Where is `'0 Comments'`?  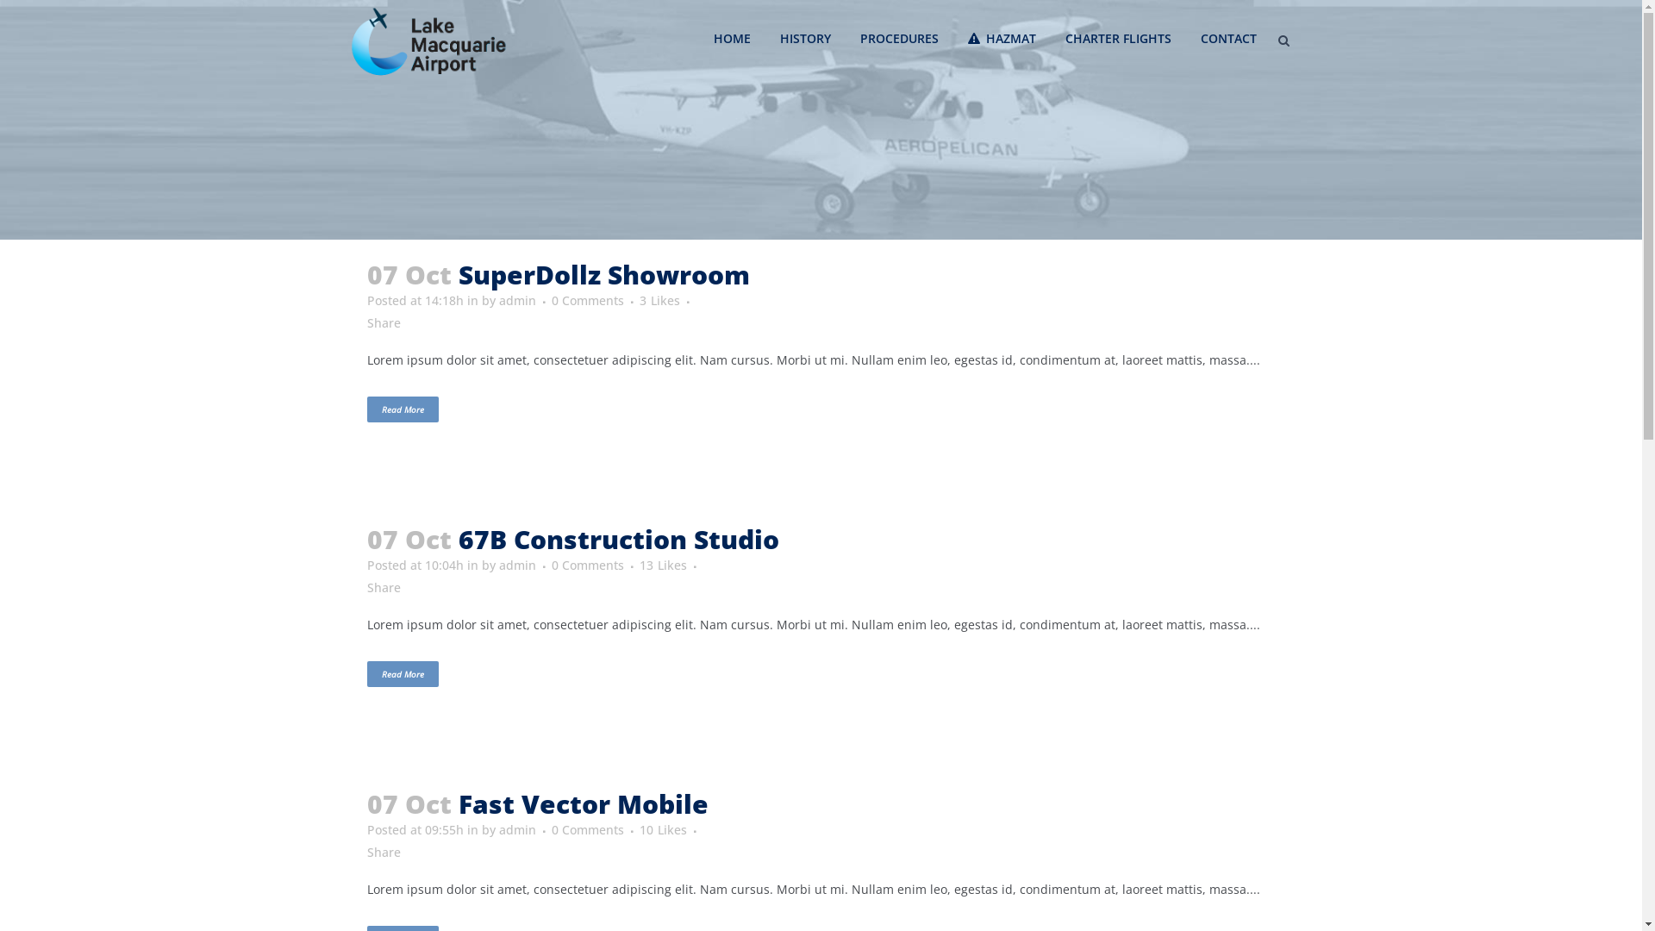
'0 Comments' is located at coordinates (587, 299).